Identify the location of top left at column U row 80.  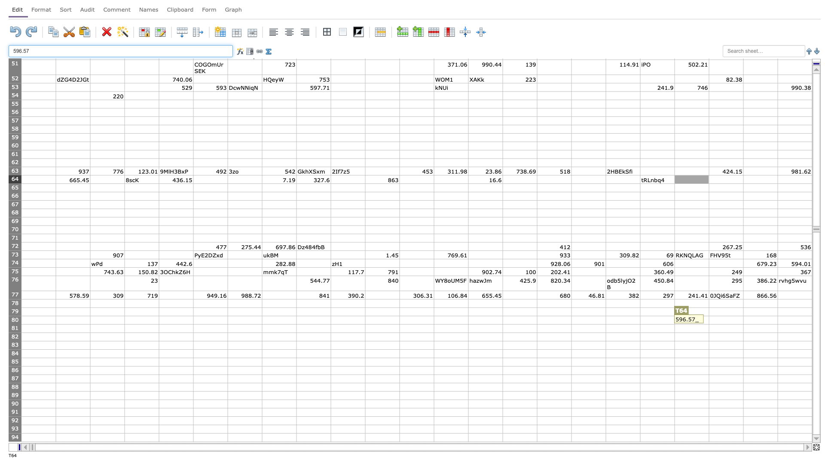
(709, 316).